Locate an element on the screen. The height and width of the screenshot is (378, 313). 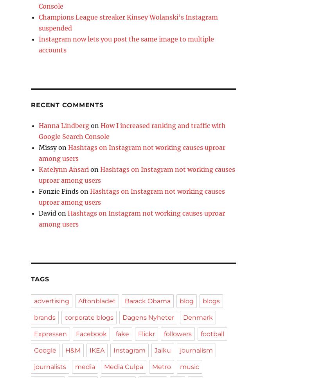
'Recent Comments' is located at coordinates (31, 105).